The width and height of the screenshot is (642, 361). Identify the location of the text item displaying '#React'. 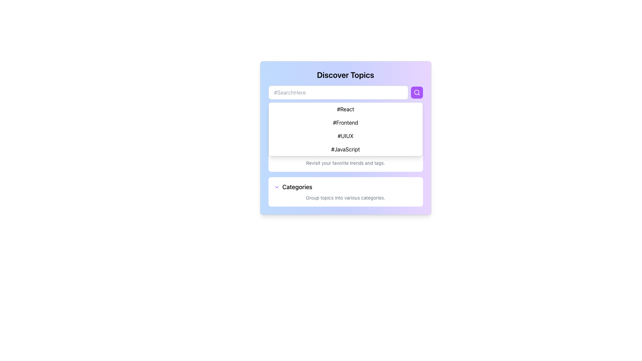
(345, 109).